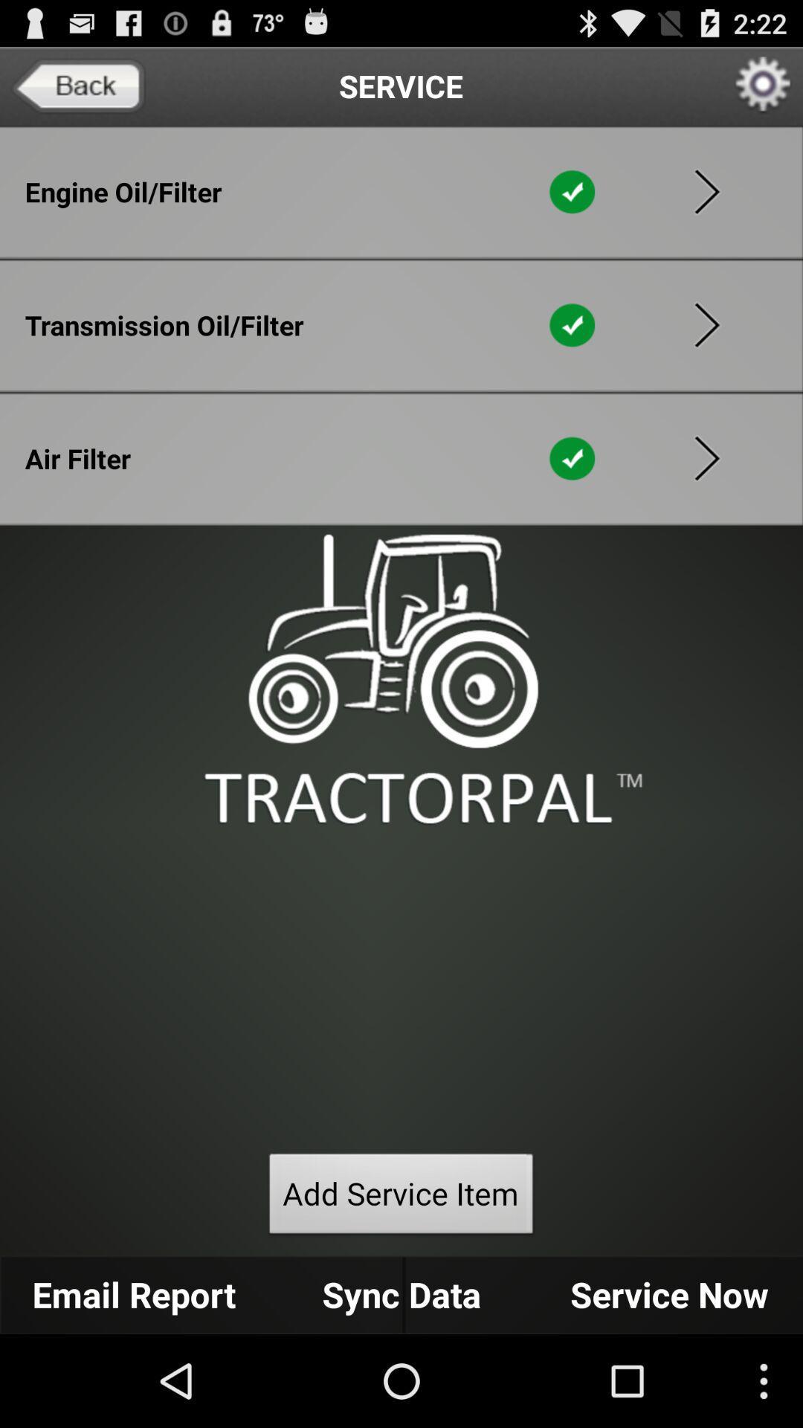 Image resolution: width=803 pixels, height=1428 pixels. Describe the element at coordinates (706, 457) in the screenshot. I see `forword` at that location.